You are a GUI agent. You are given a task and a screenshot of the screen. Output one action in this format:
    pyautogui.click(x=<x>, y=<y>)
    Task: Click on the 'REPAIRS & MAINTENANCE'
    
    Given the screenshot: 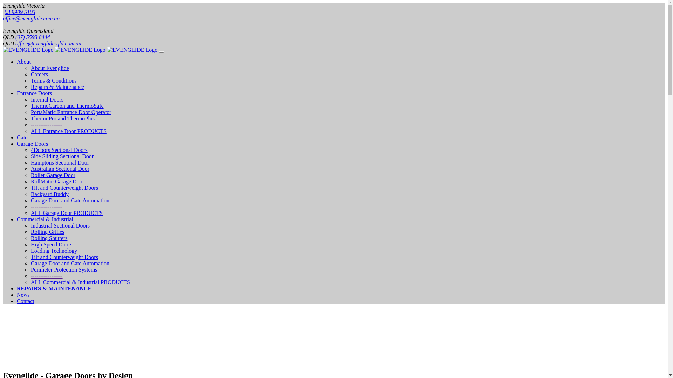 What is the action you would take?
    pyautogui.click(x=54, y=288)
    